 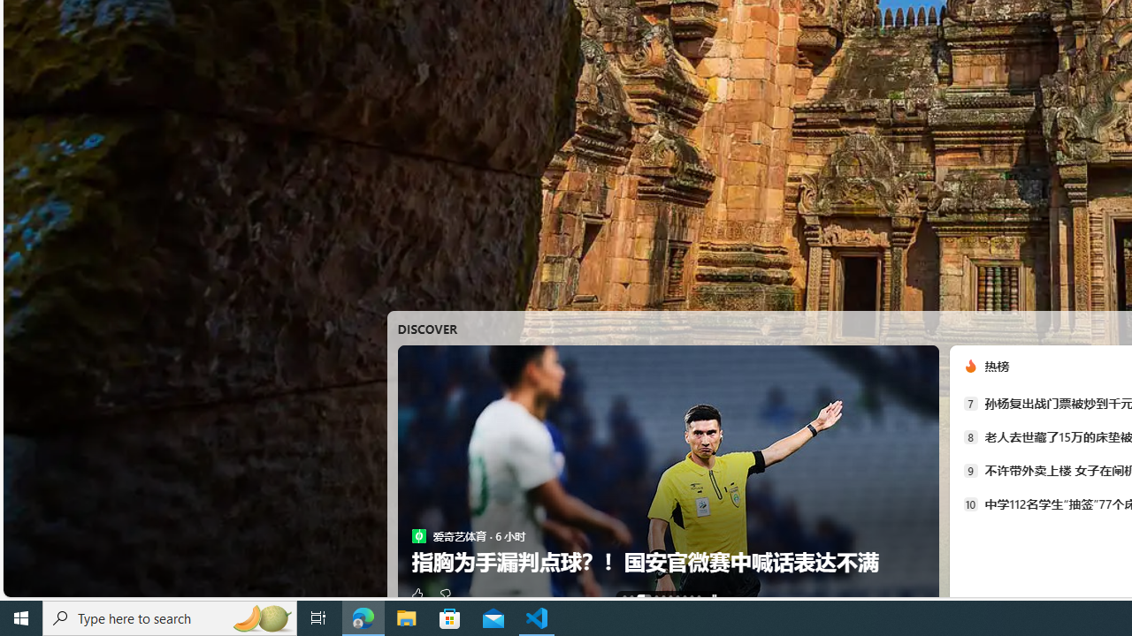 What do you see at coordinates (623, 596) in the screenshot?
I see `'AutomationID: tab-0'` at bounding box center [623, 596].